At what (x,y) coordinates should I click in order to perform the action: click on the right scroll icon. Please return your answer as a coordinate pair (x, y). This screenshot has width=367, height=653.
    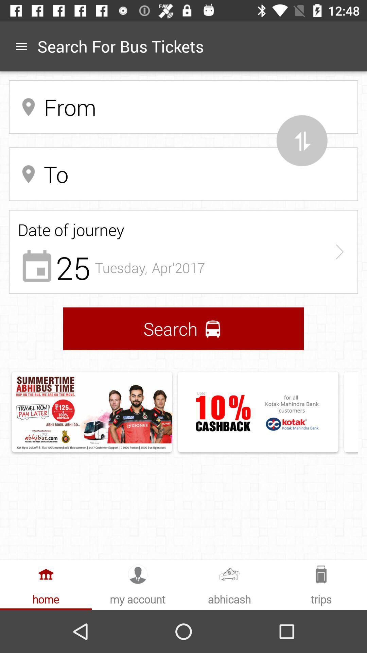
    Looking at the image, I should click on (339, 251).